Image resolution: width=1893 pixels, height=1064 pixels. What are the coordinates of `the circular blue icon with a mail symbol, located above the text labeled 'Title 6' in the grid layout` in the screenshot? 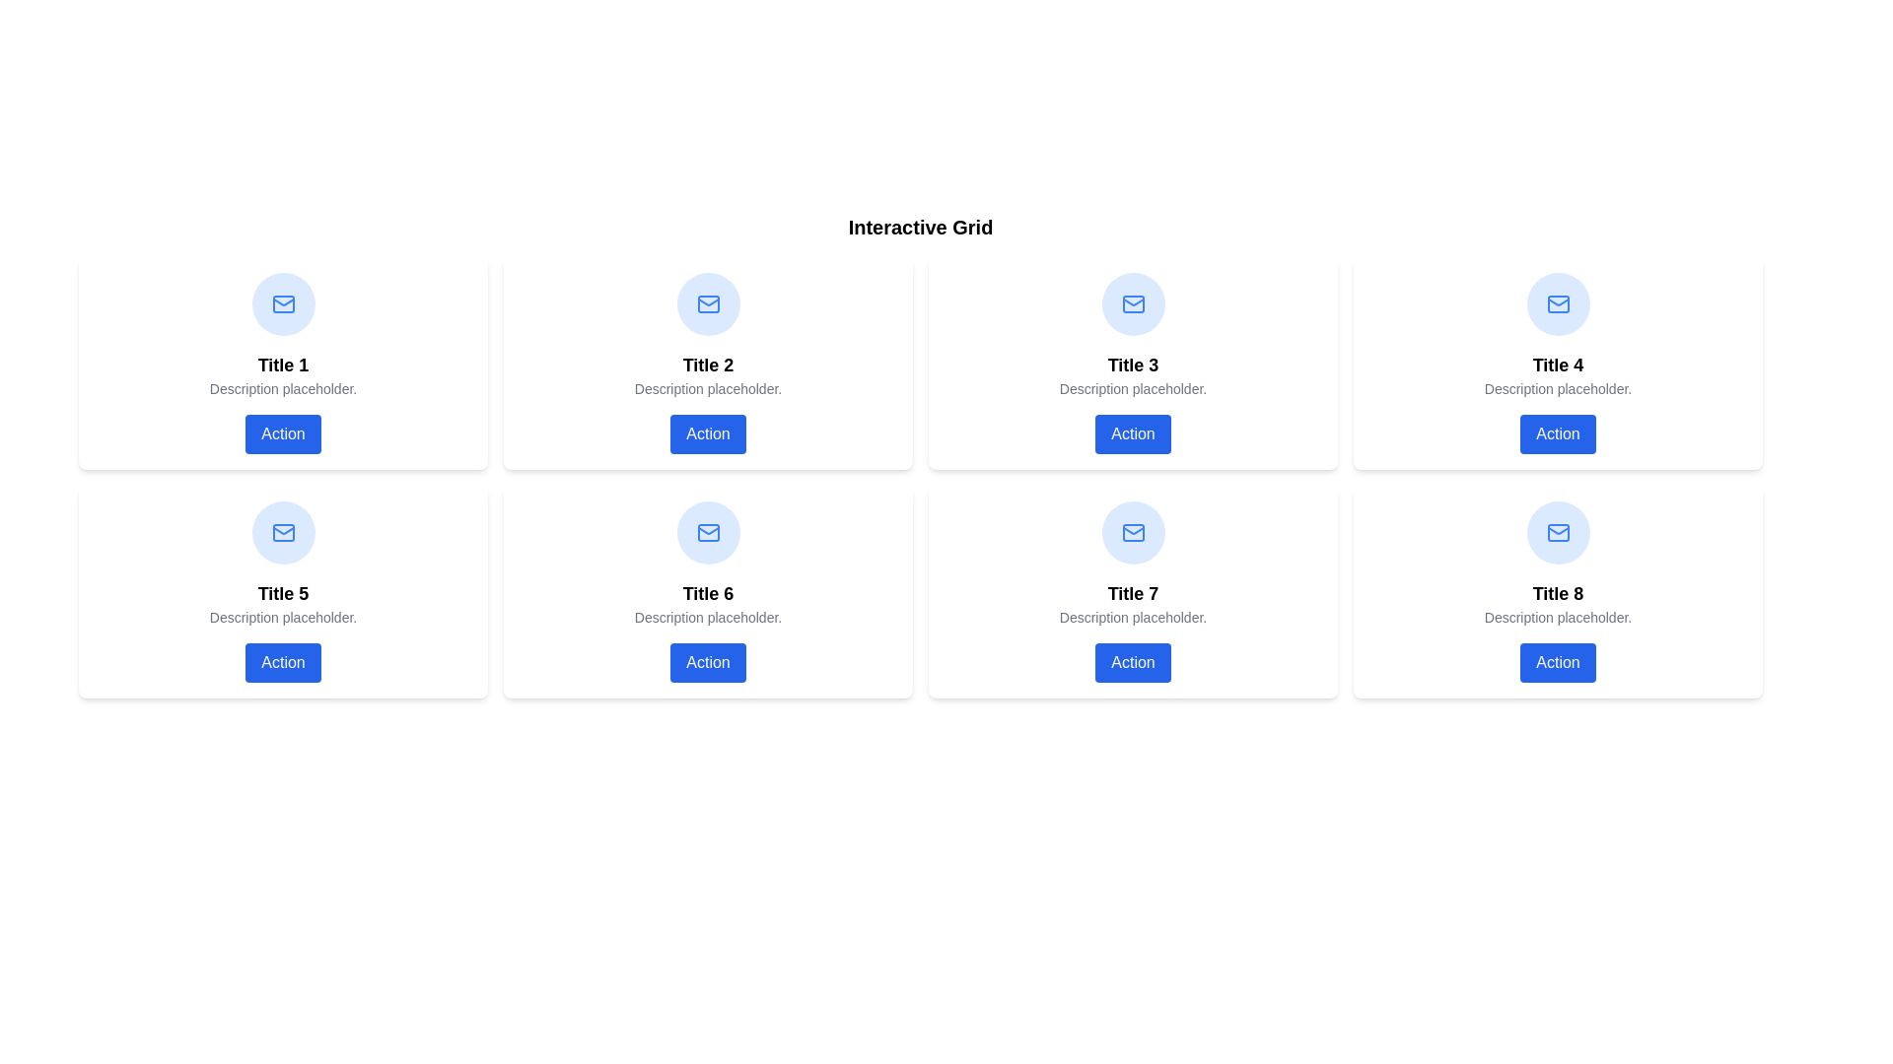 It's located at (708, 532).